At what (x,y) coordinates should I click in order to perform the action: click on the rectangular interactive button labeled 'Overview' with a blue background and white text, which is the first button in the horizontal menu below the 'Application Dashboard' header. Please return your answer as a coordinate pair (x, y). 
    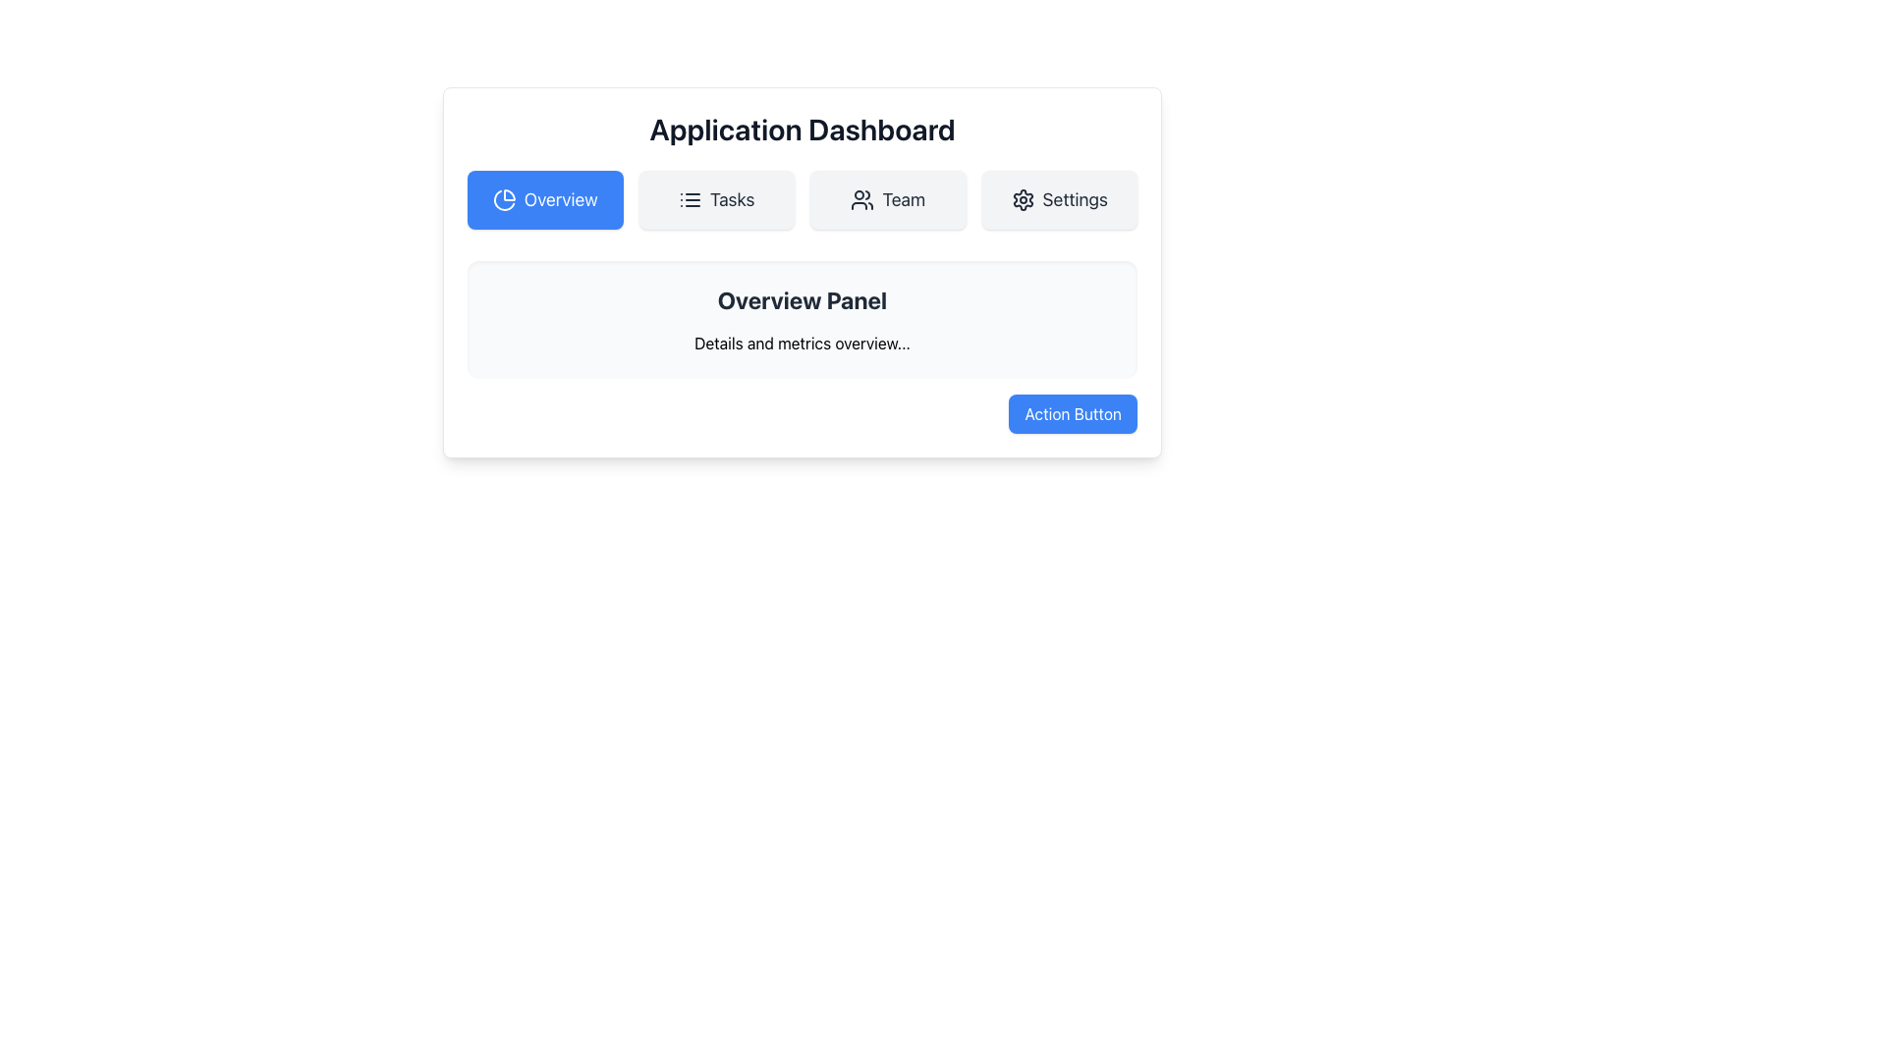
    Looking at the image, I should click on (545, 200).